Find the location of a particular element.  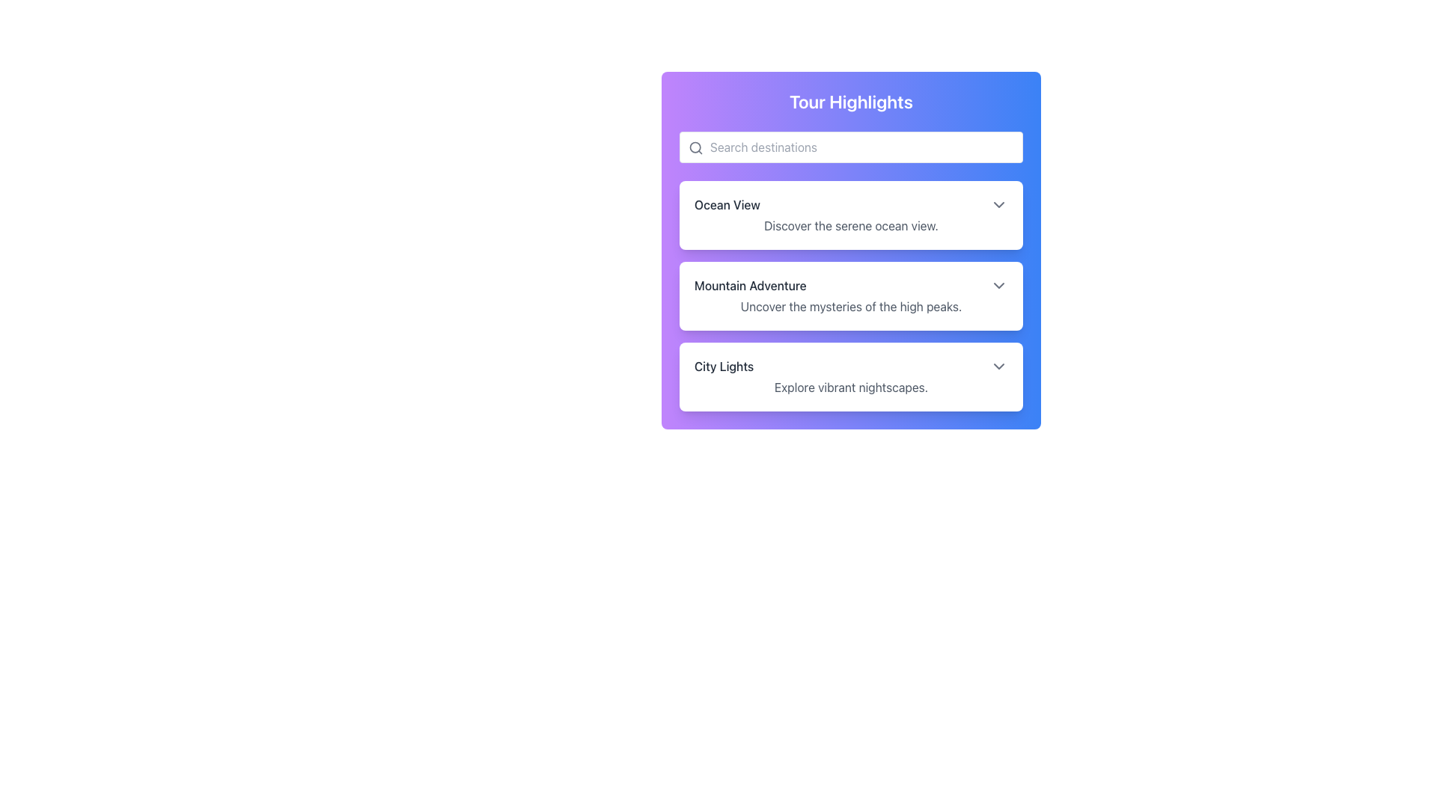

the third card in the vertical list of selectable options labeled 'Tour Highlights' to change its shadow effect is located at coordinates (851, 376).